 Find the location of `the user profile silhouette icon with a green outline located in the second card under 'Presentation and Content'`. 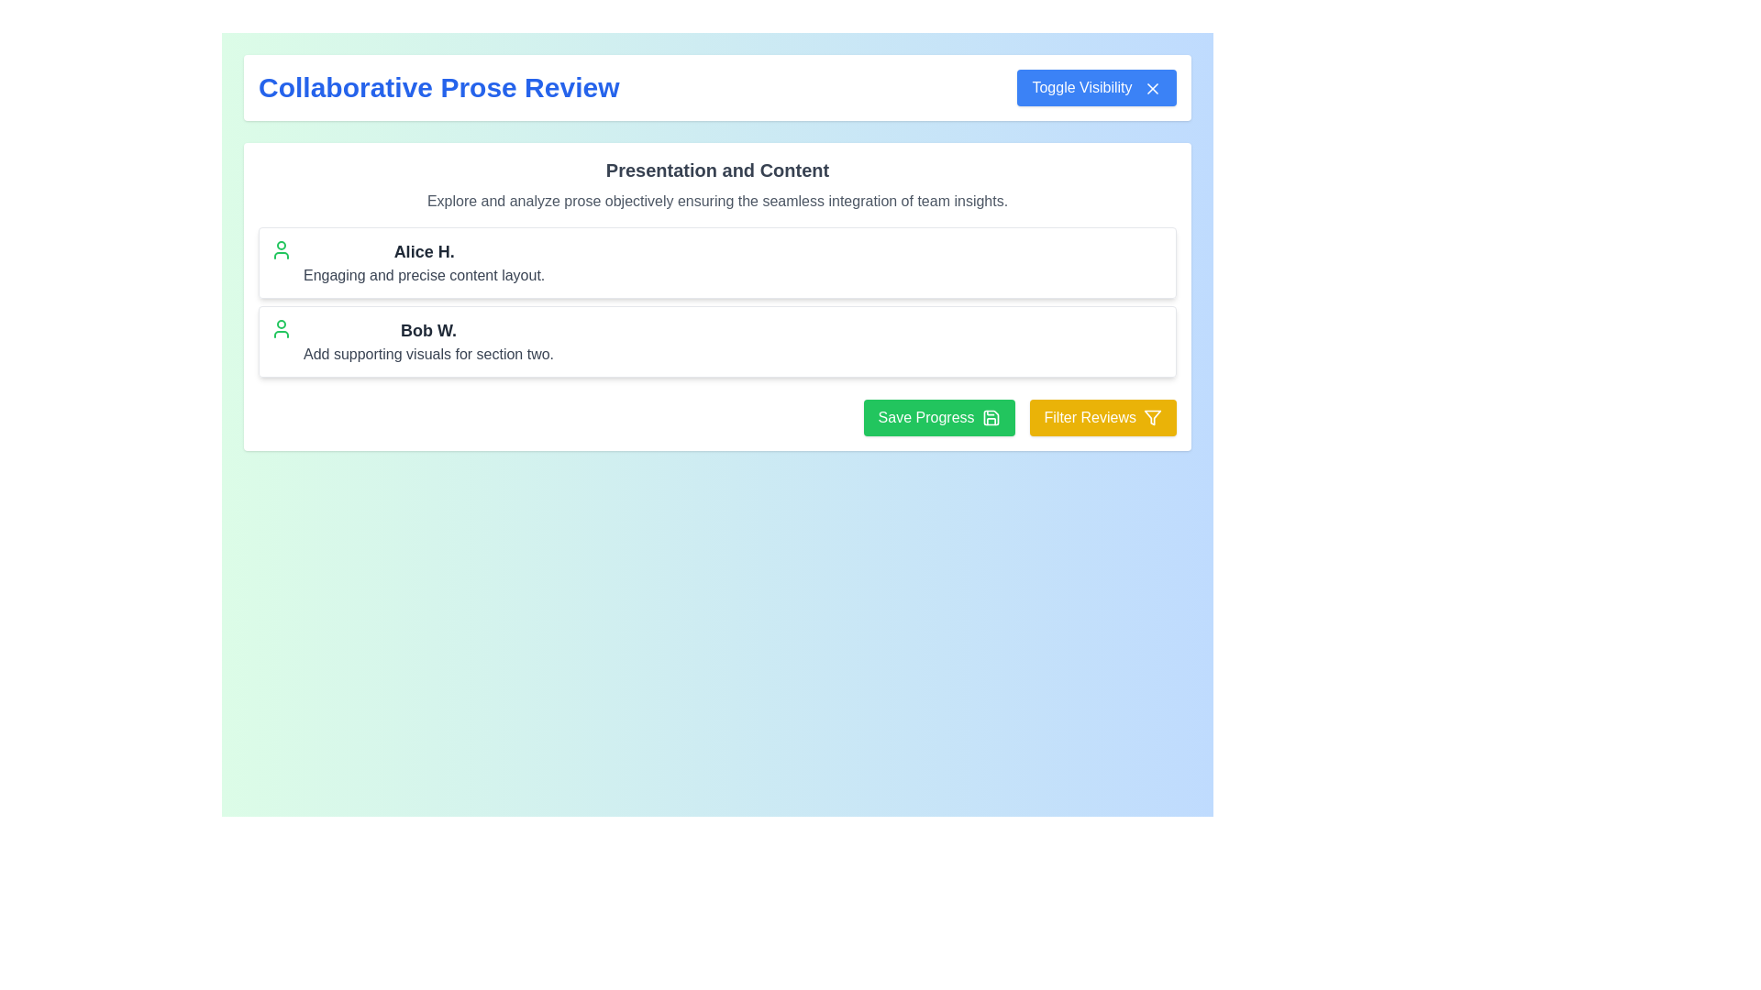

the user profile silhouette icon with a green outline located in the second card under 'Presentation and Content' is located at coordinates (281, 327).